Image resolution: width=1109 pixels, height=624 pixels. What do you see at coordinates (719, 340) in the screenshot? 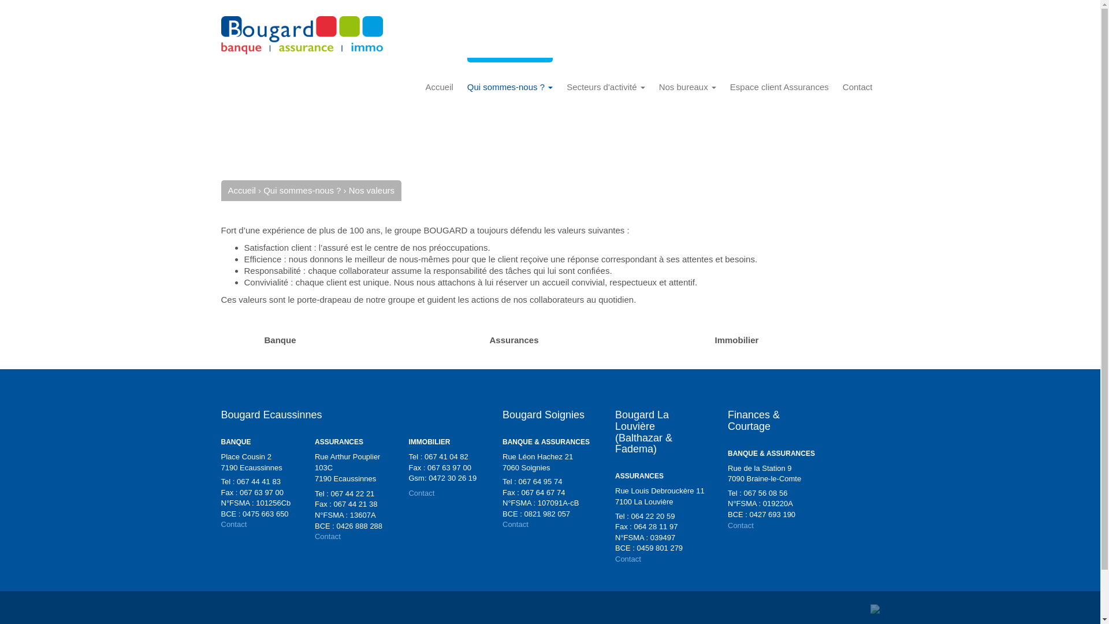
I see `'Immobilier'` at bounding box center [719, 340].